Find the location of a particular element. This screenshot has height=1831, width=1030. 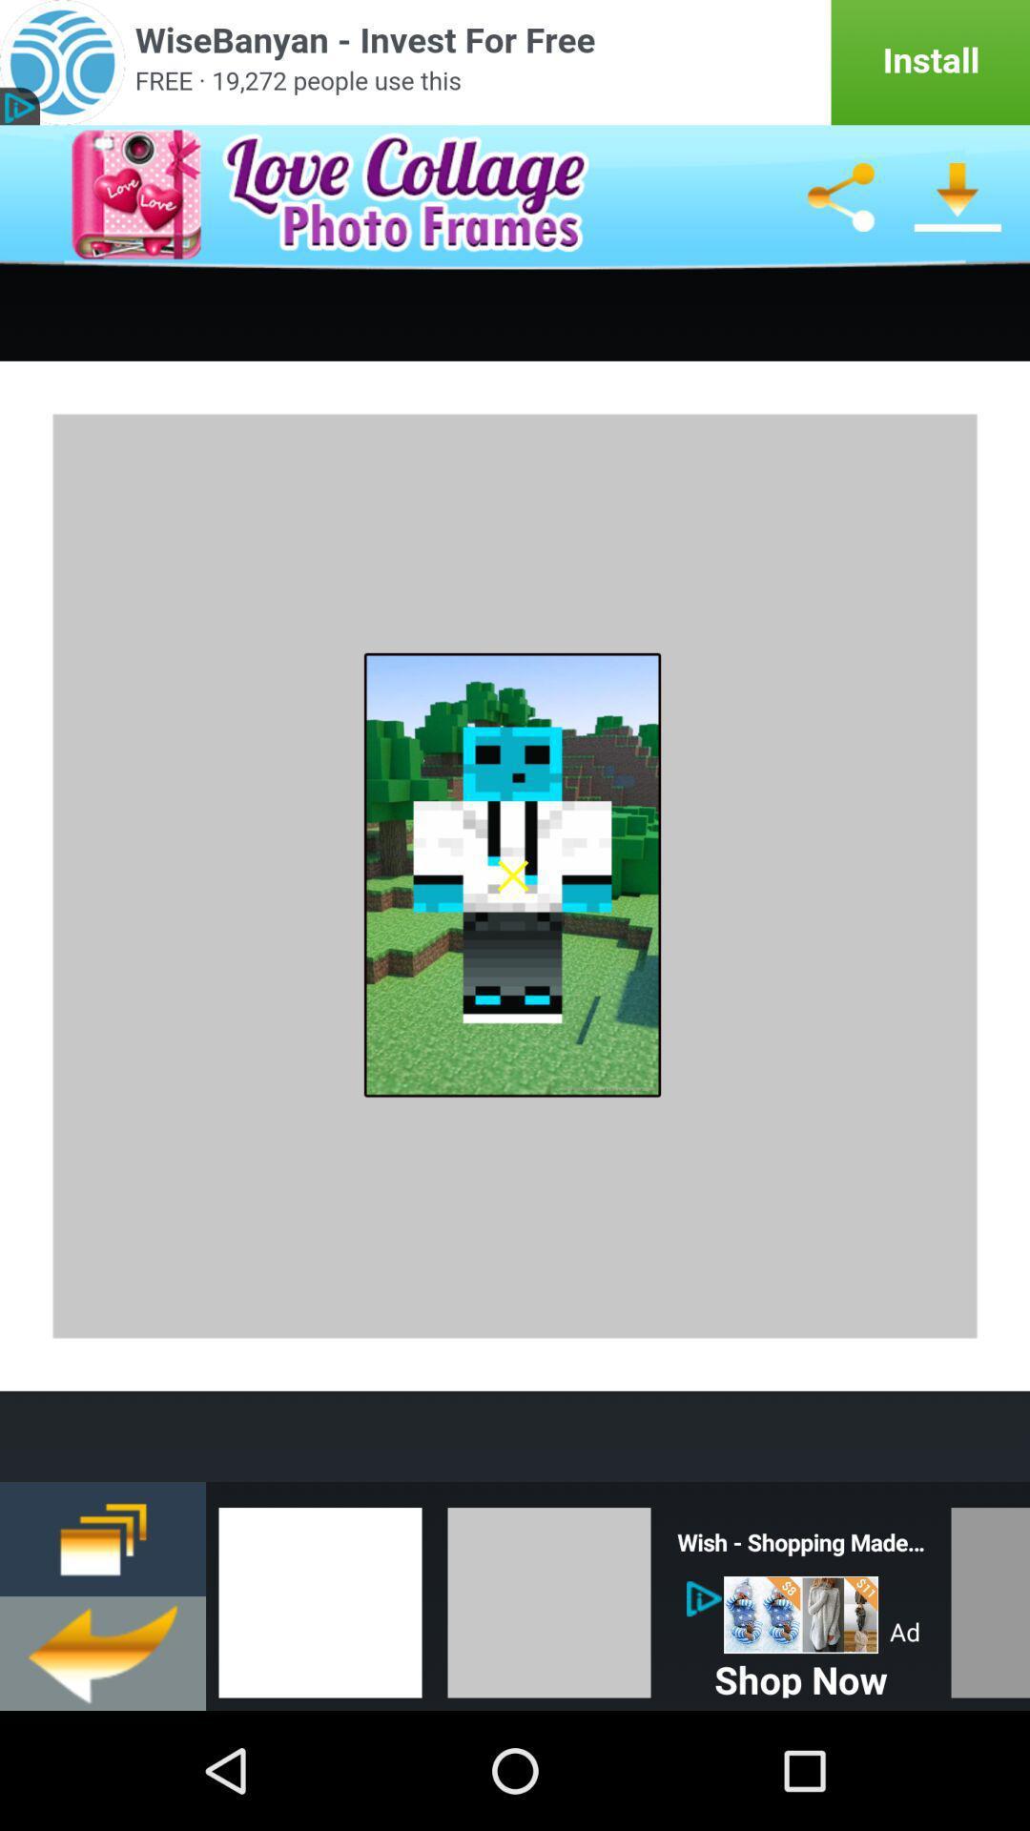

the share icon is located at coordinates (839, 211).